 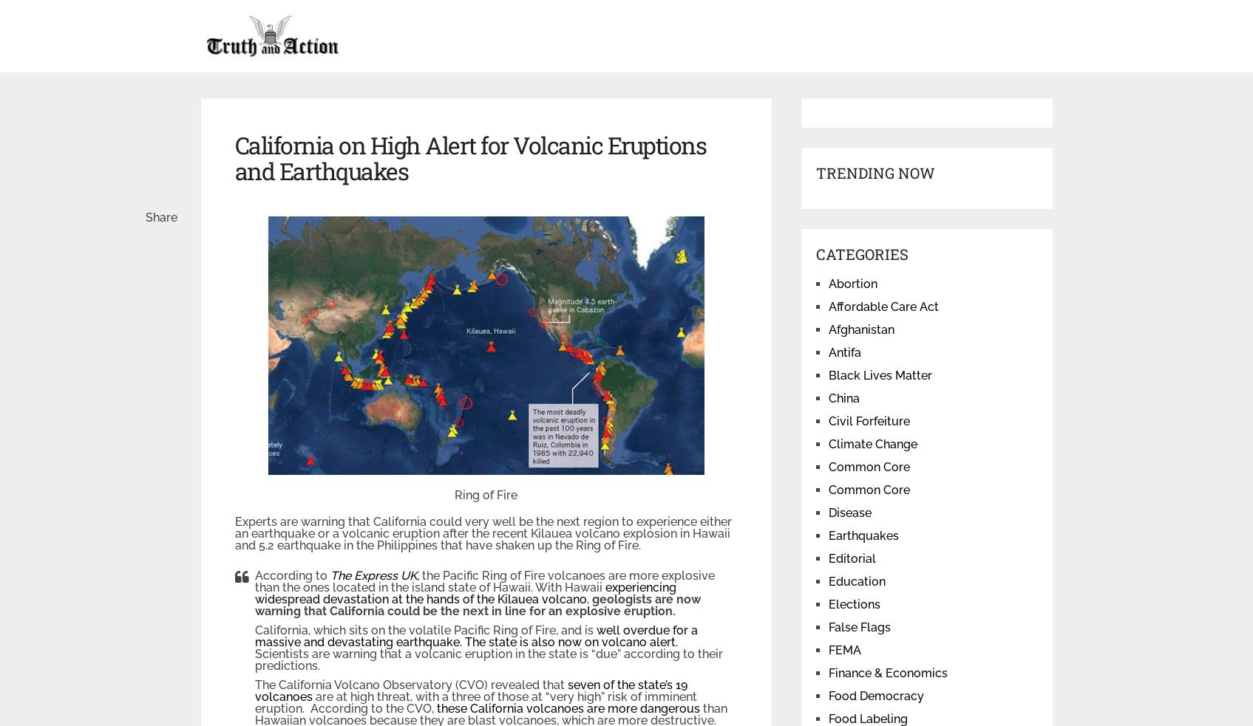 I want to click on 'China', so click(x=843, y=398).